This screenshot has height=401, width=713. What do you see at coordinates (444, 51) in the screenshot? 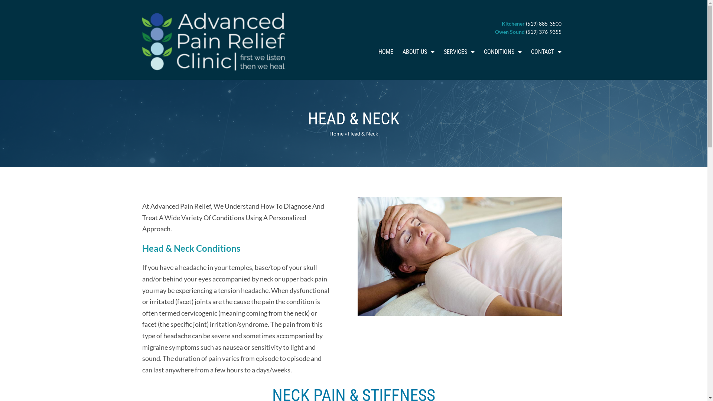
I see `'SERVICES'` at bounding box center [444, 51].